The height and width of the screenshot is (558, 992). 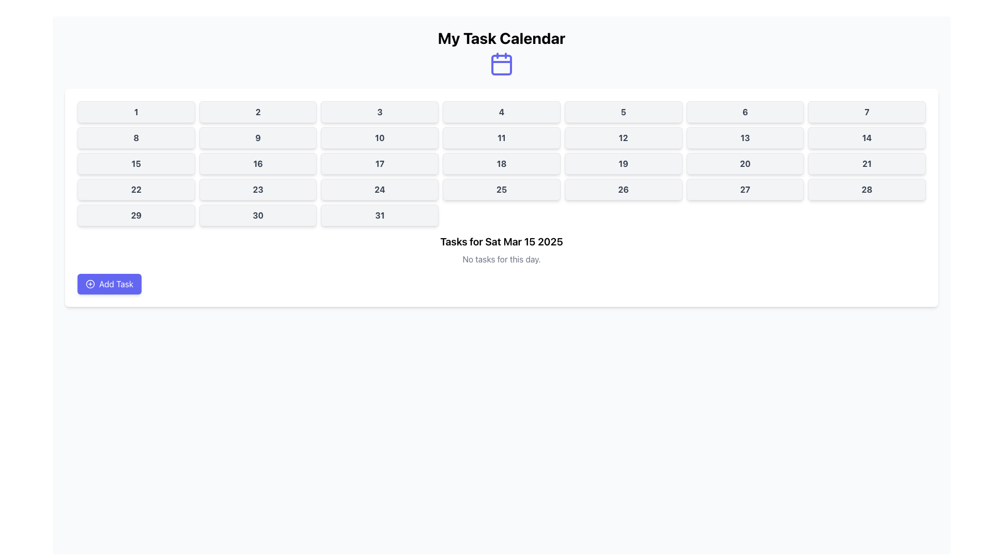 I want to click on the button displaying the number '15', so click(x=135, y=163).